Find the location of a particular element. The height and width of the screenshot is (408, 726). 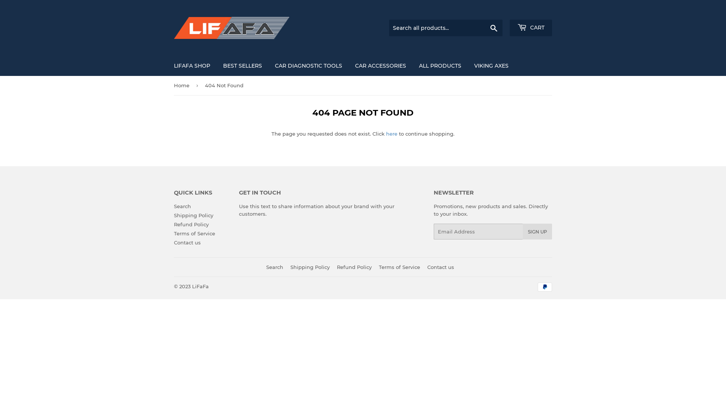

'LiFaFa' is located at coordinates (192, 286).